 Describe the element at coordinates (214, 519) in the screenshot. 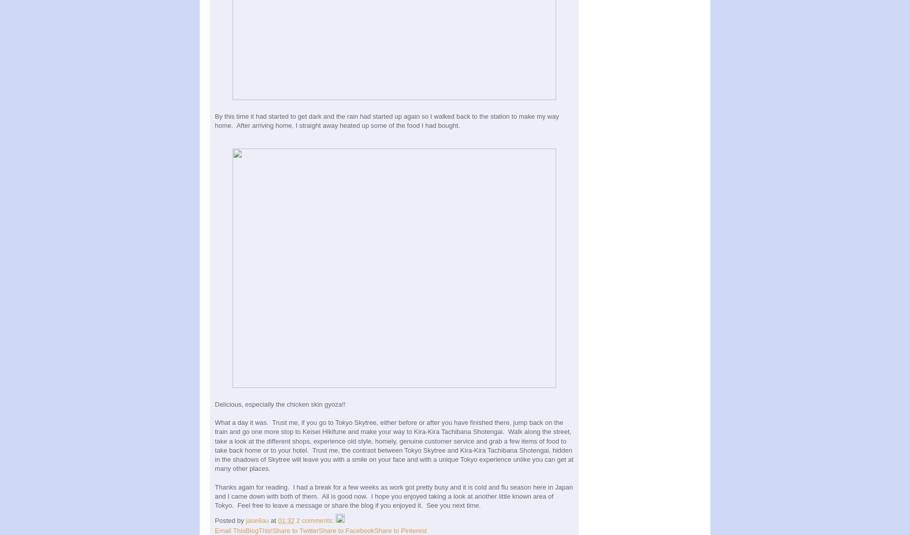

I see `'Posted by'` at that location.